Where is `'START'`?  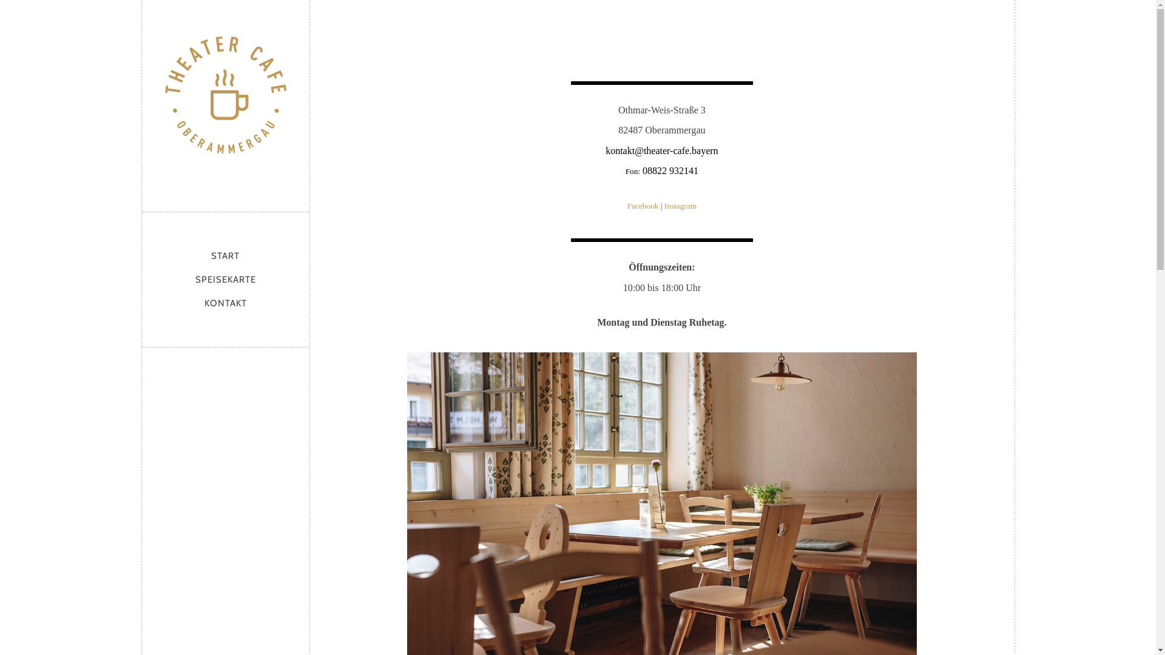 'START' is located at coordinates (206, 255).